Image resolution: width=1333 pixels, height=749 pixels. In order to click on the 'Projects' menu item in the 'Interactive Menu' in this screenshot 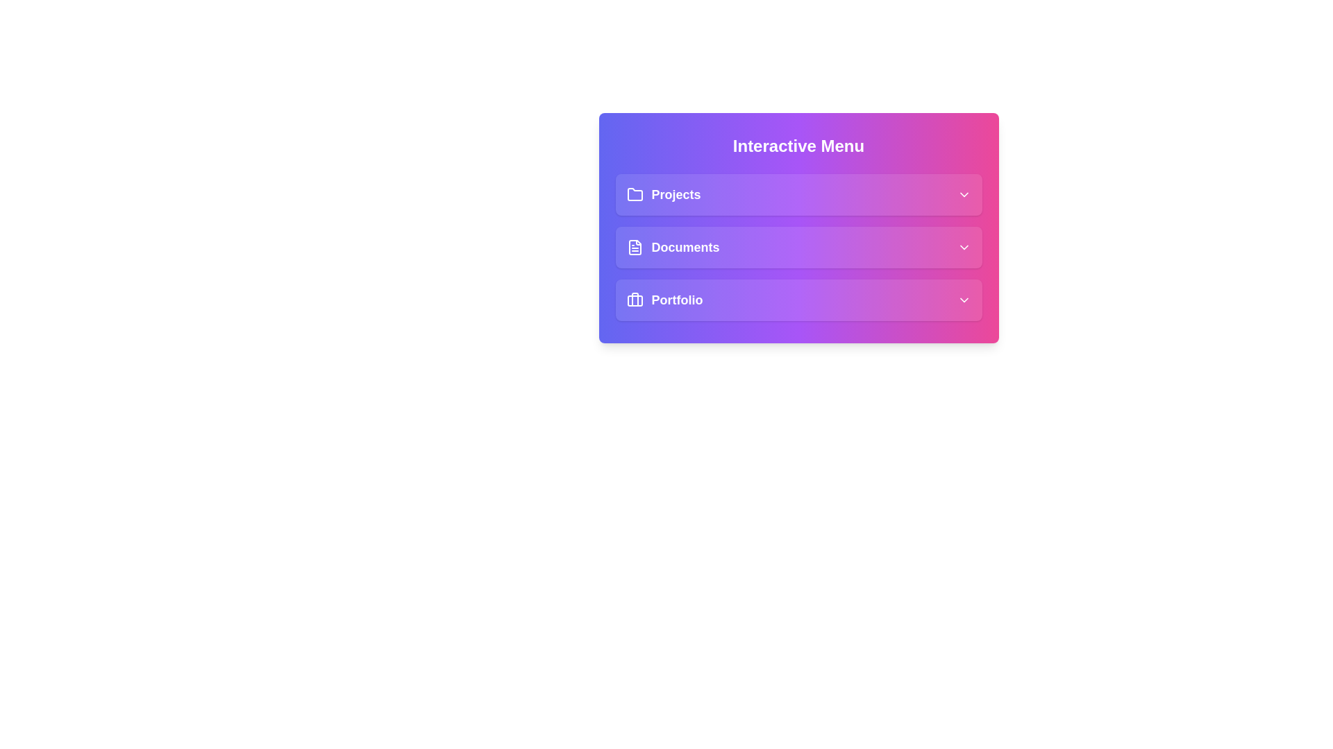, I will do `click(662, 195)`.